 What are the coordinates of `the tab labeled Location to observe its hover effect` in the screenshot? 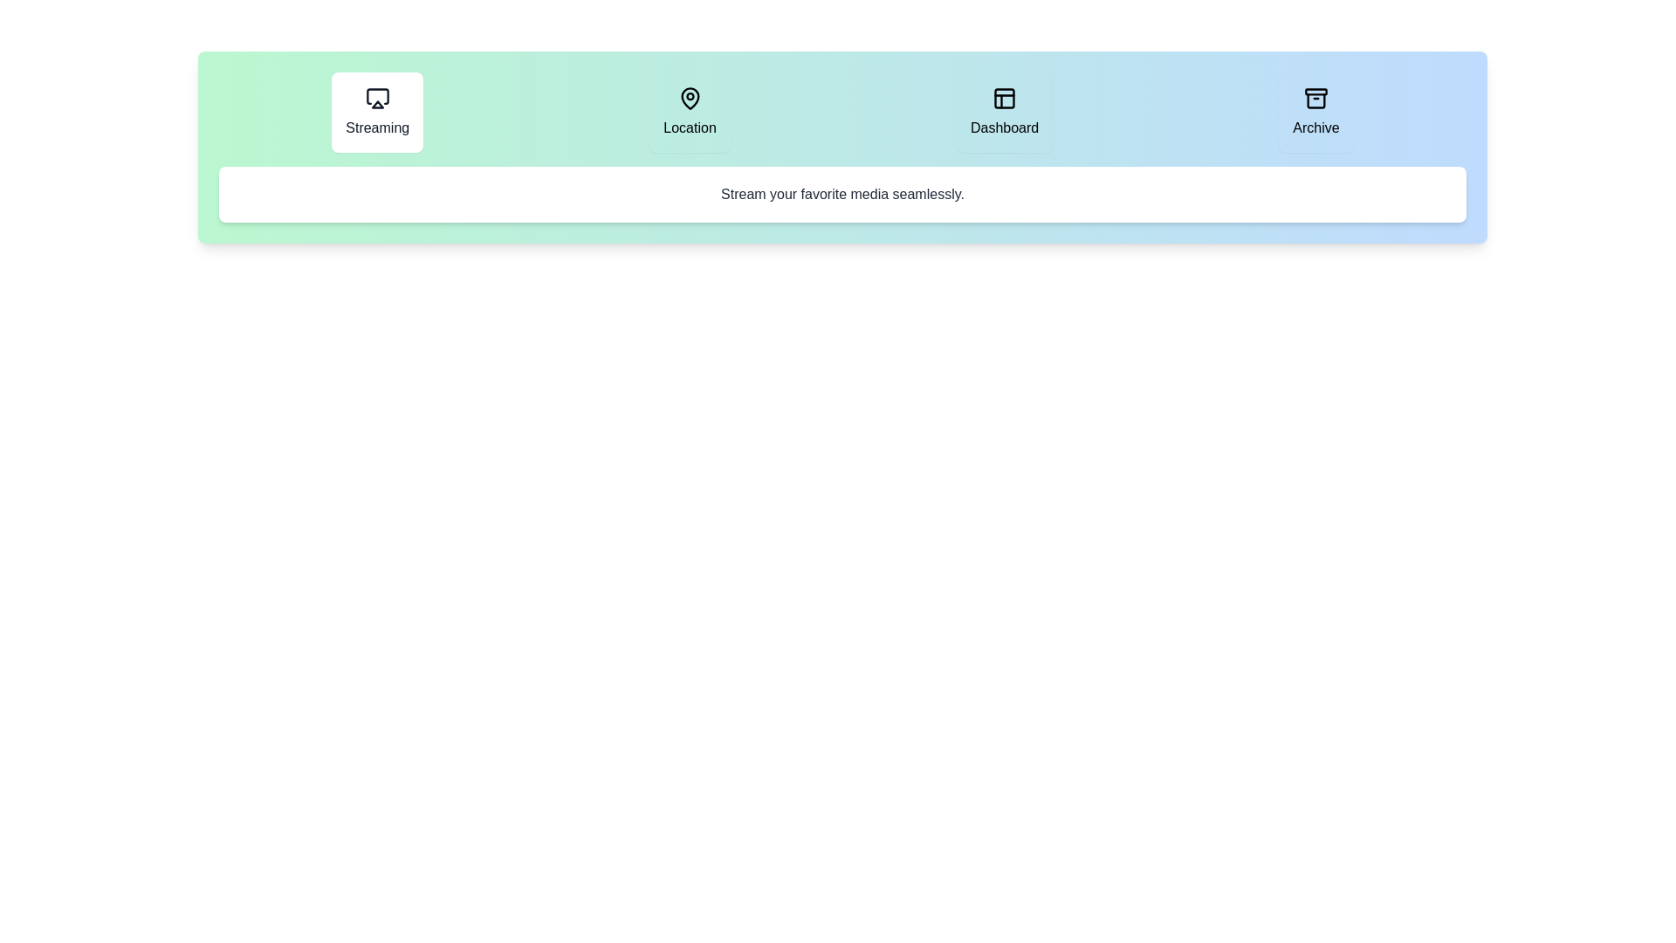 It's located at (689, 112).